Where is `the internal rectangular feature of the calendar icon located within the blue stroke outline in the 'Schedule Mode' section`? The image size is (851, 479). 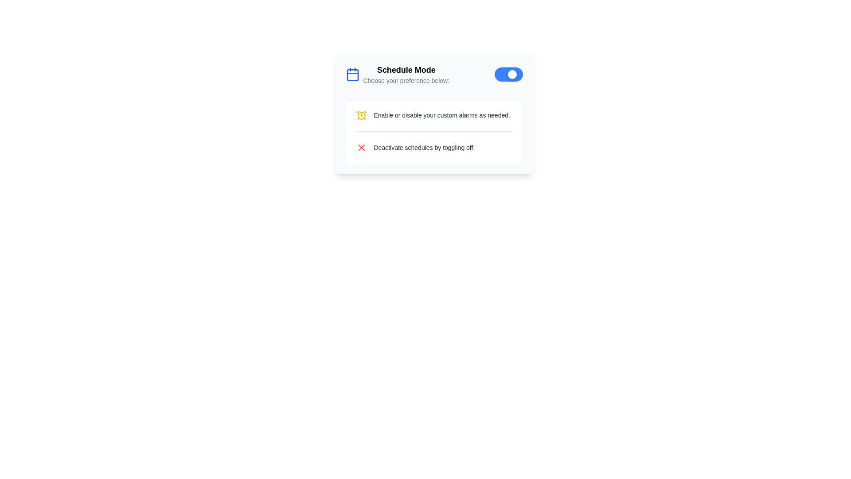
the internal rectangular feature of the calendar icon located within the blue stroke outline in the 'Schedule Mode' section is located at coordinates (352, 75).